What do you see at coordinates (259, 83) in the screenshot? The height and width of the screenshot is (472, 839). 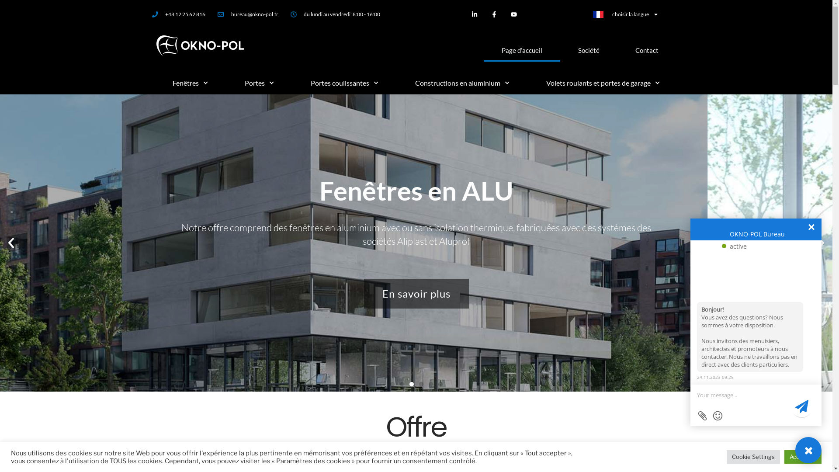 I see `'Portes'` at bounding box center [259, 83].